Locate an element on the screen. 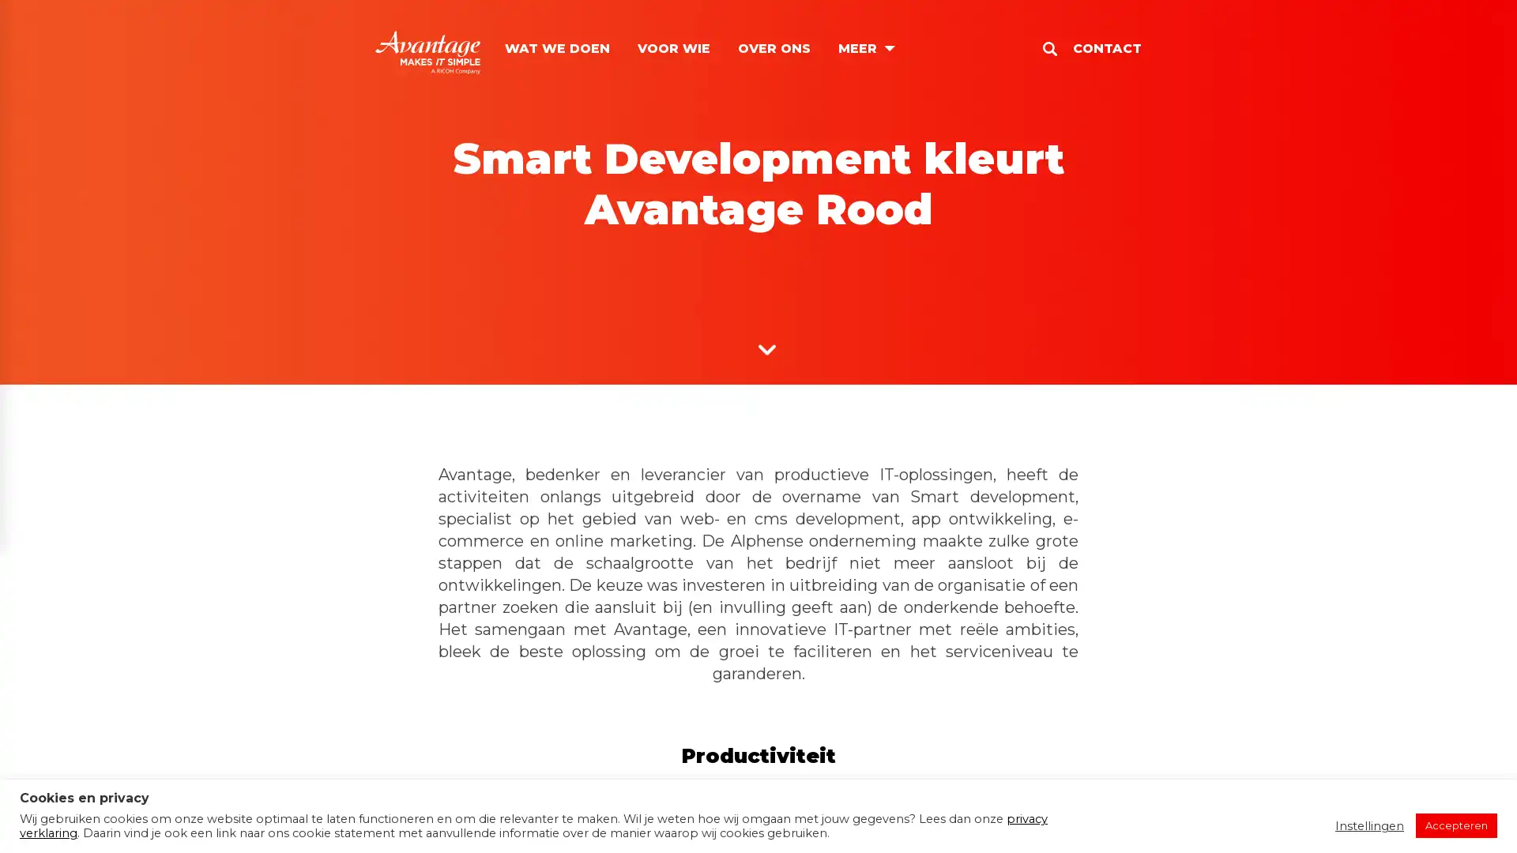  Instellingen is located at coordinates (1368, 825).